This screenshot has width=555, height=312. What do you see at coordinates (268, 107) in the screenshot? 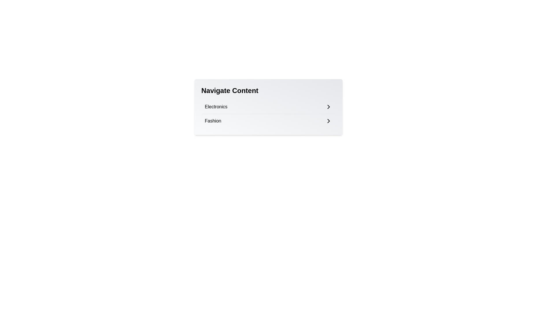
I see `the navigation menu box containing the links 'Electronics' and 'Fashion'` at bounding box center [268, 107].